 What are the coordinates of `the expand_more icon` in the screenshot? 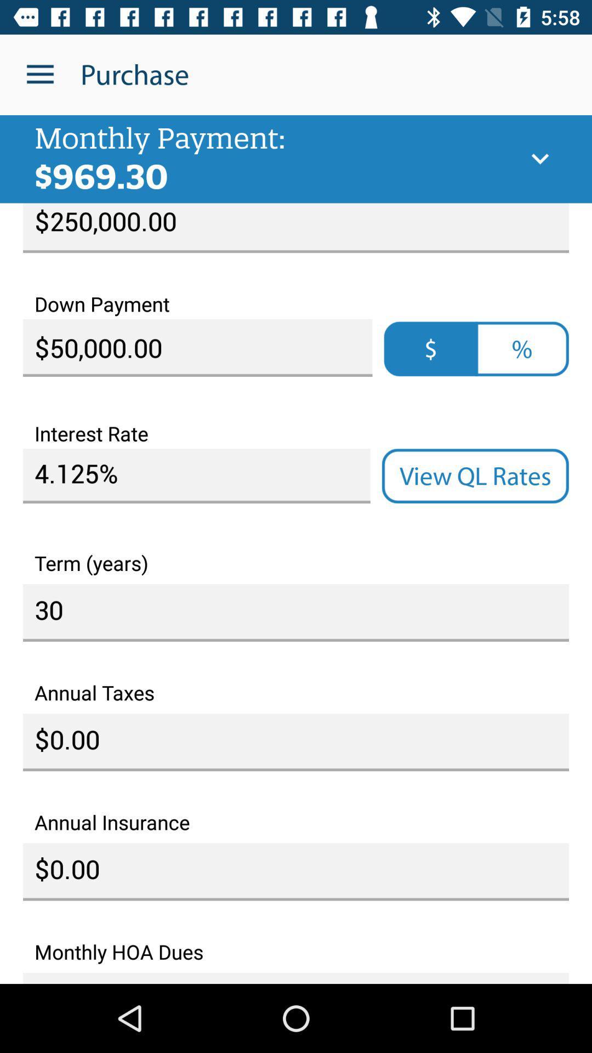 It's located at (539, 158).